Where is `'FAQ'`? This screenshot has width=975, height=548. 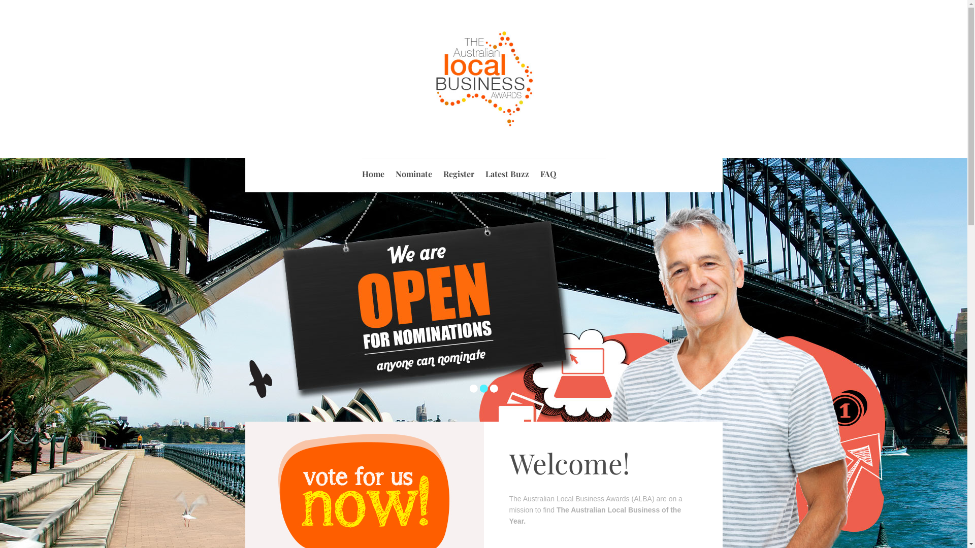
'FAQ' is located at coordinates (540, 170).